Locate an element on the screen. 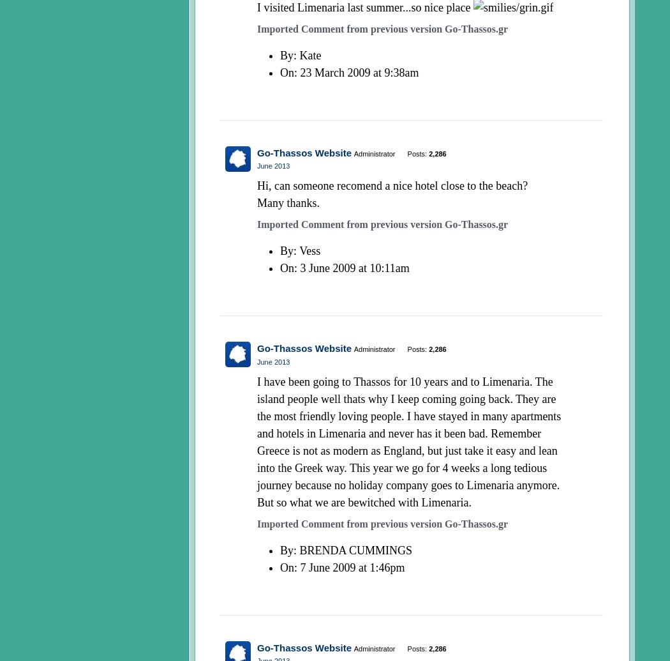 Image resolution: width=670 pixels, height=661 pixels. ': BRENDA CUMMINGS' is located at coordinates (353, 549).